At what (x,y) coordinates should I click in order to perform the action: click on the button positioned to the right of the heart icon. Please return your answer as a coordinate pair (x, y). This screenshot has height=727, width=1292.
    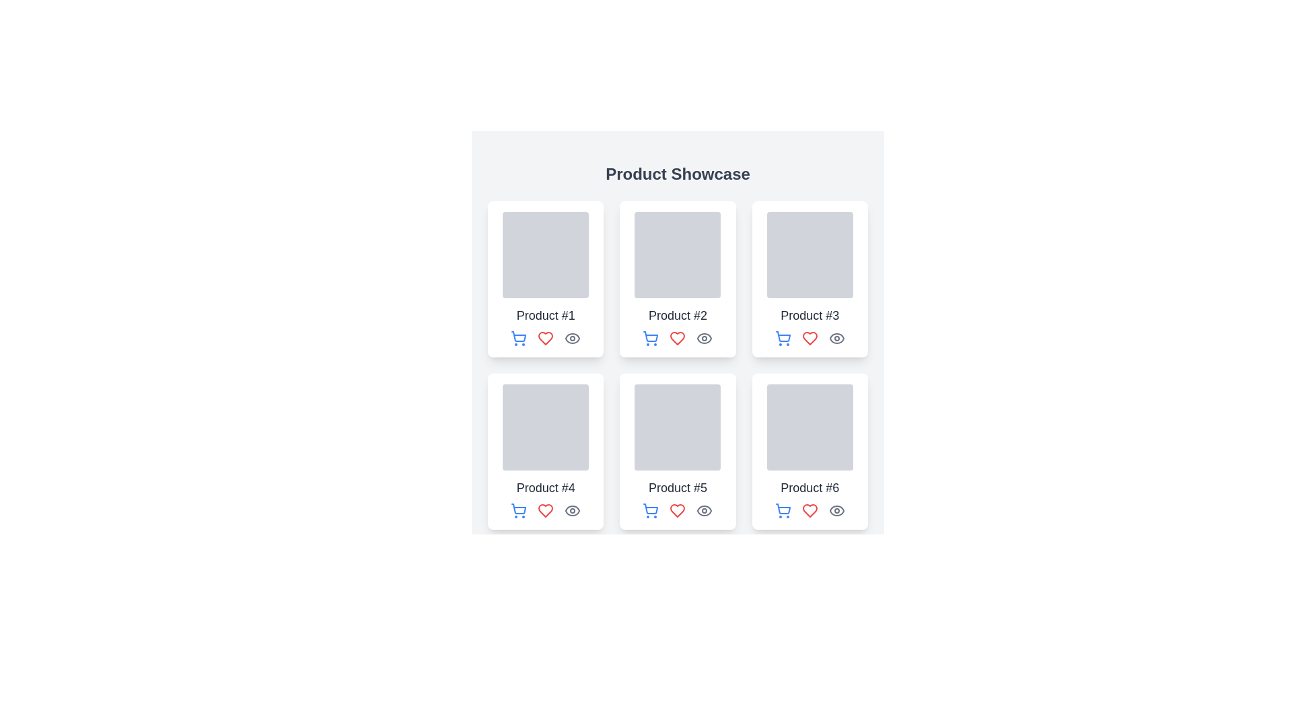
    Looking at the image, I should click on (704, 337).